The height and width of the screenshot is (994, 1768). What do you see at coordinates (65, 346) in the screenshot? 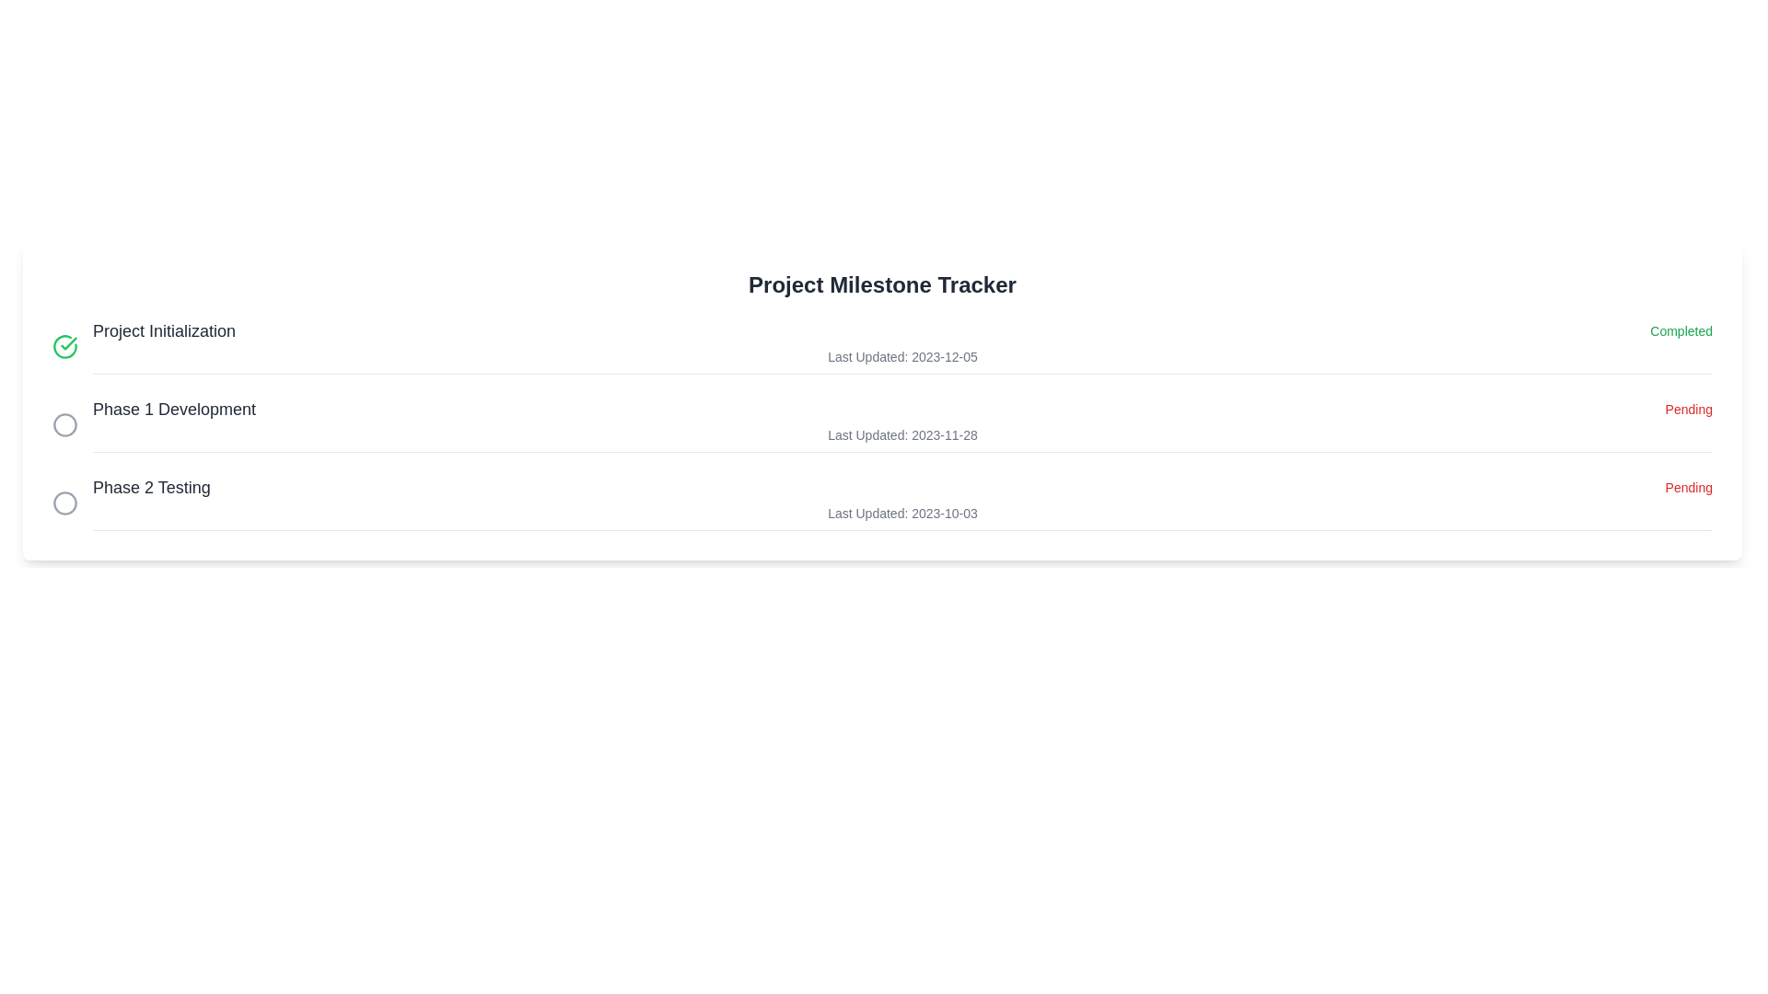
I see `the completion status icon, which is a green circle with a check mark, positioned to the left of the 'Project Initialization' text in the milestones list` at bounding box center [65, 346].